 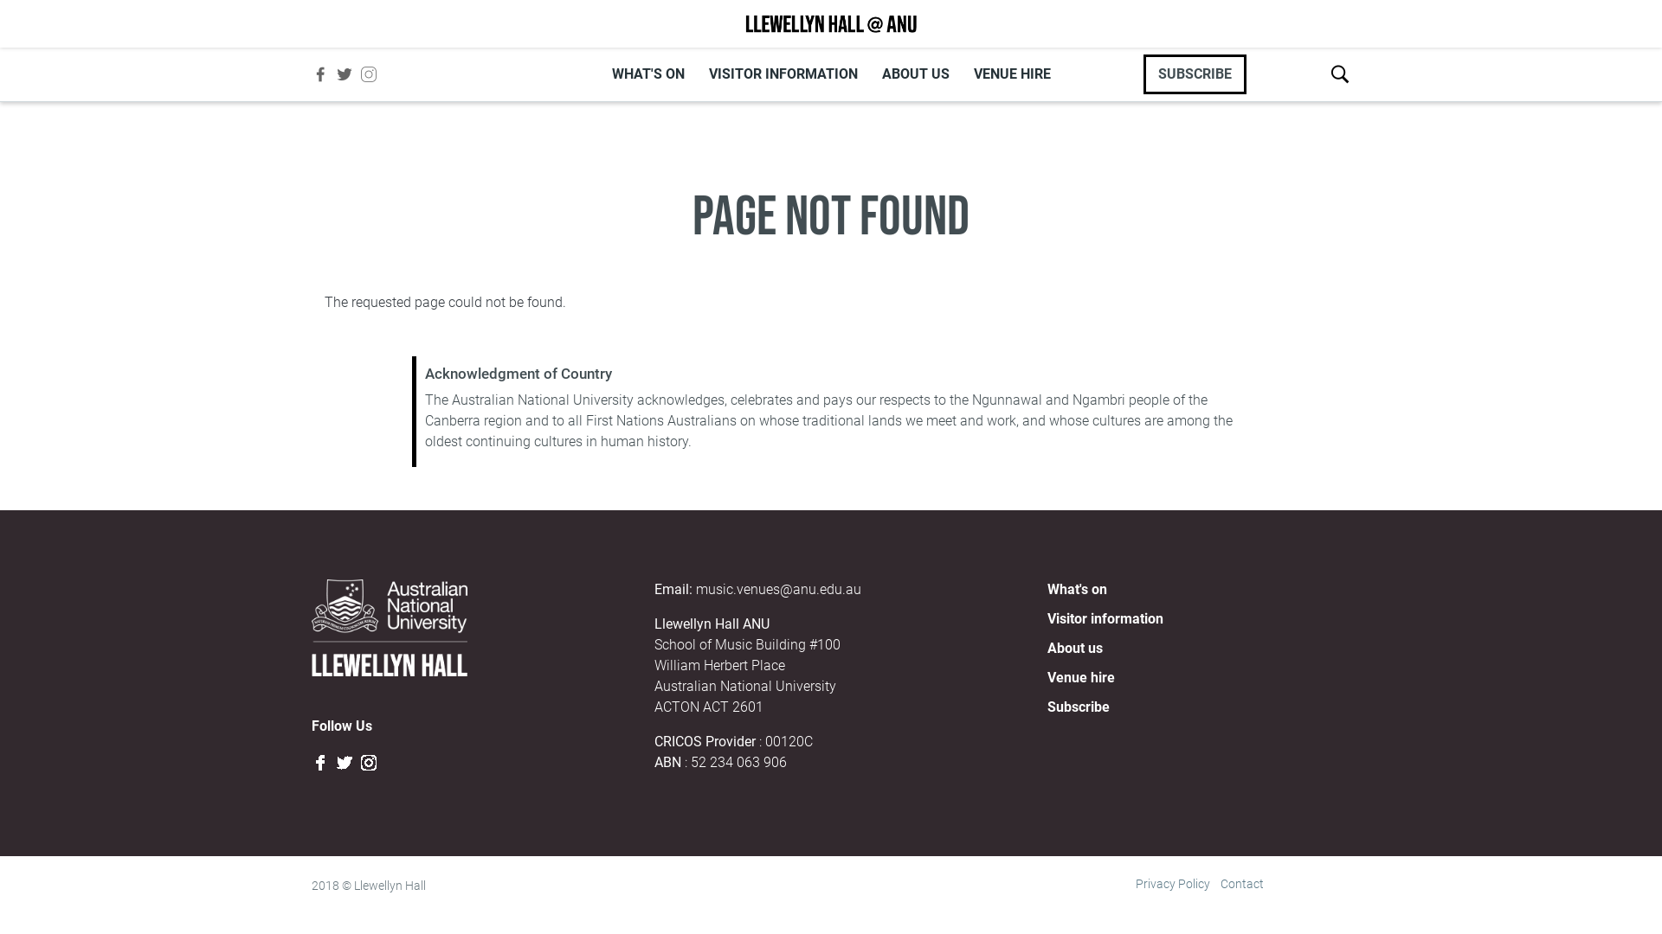 What do you see at coordinates (1046, 676) in the screenshot?
I see `'Venue hire'` at bounding box center [1046, 676].